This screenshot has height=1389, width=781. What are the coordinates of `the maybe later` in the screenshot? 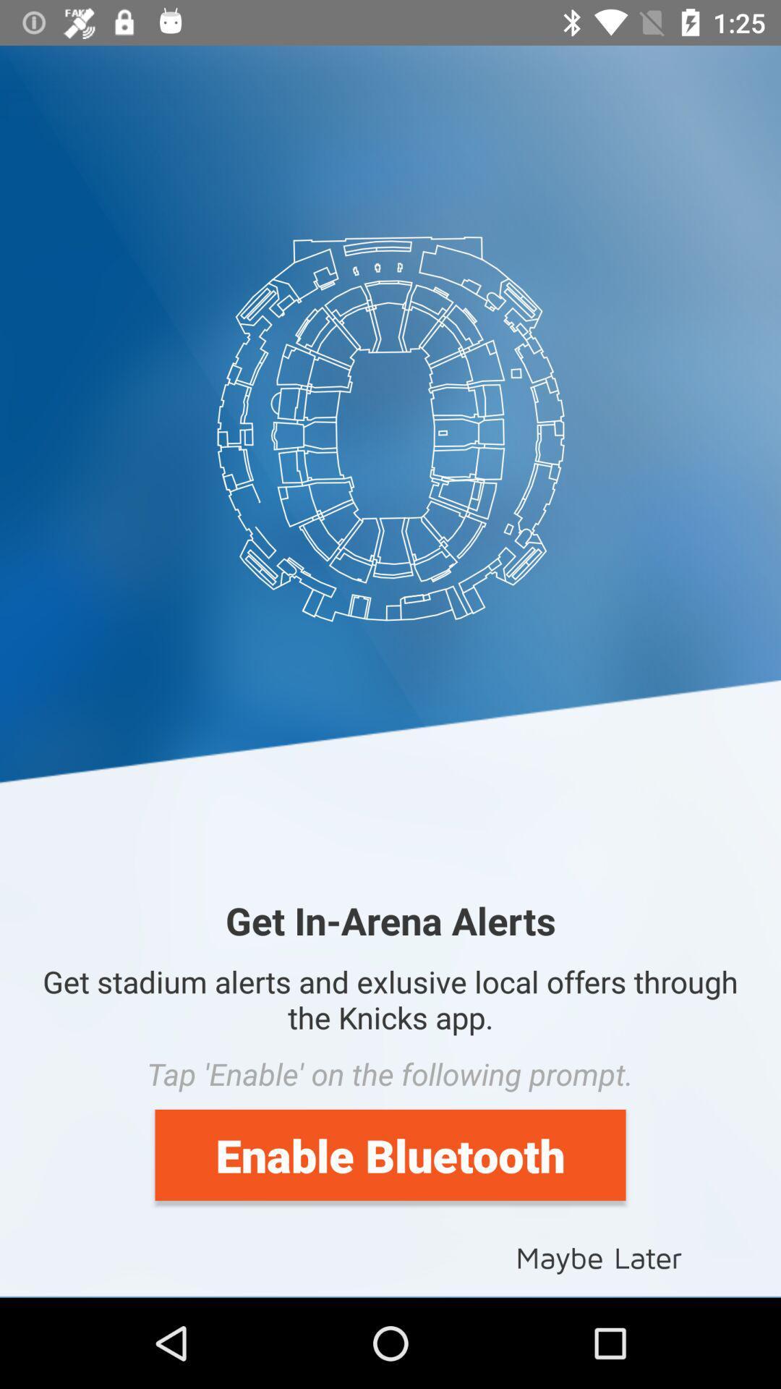 It's located at (599, 1256).